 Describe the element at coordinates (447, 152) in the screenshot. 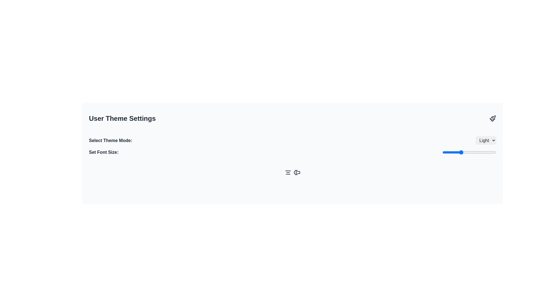

I see `the font size` at that location.